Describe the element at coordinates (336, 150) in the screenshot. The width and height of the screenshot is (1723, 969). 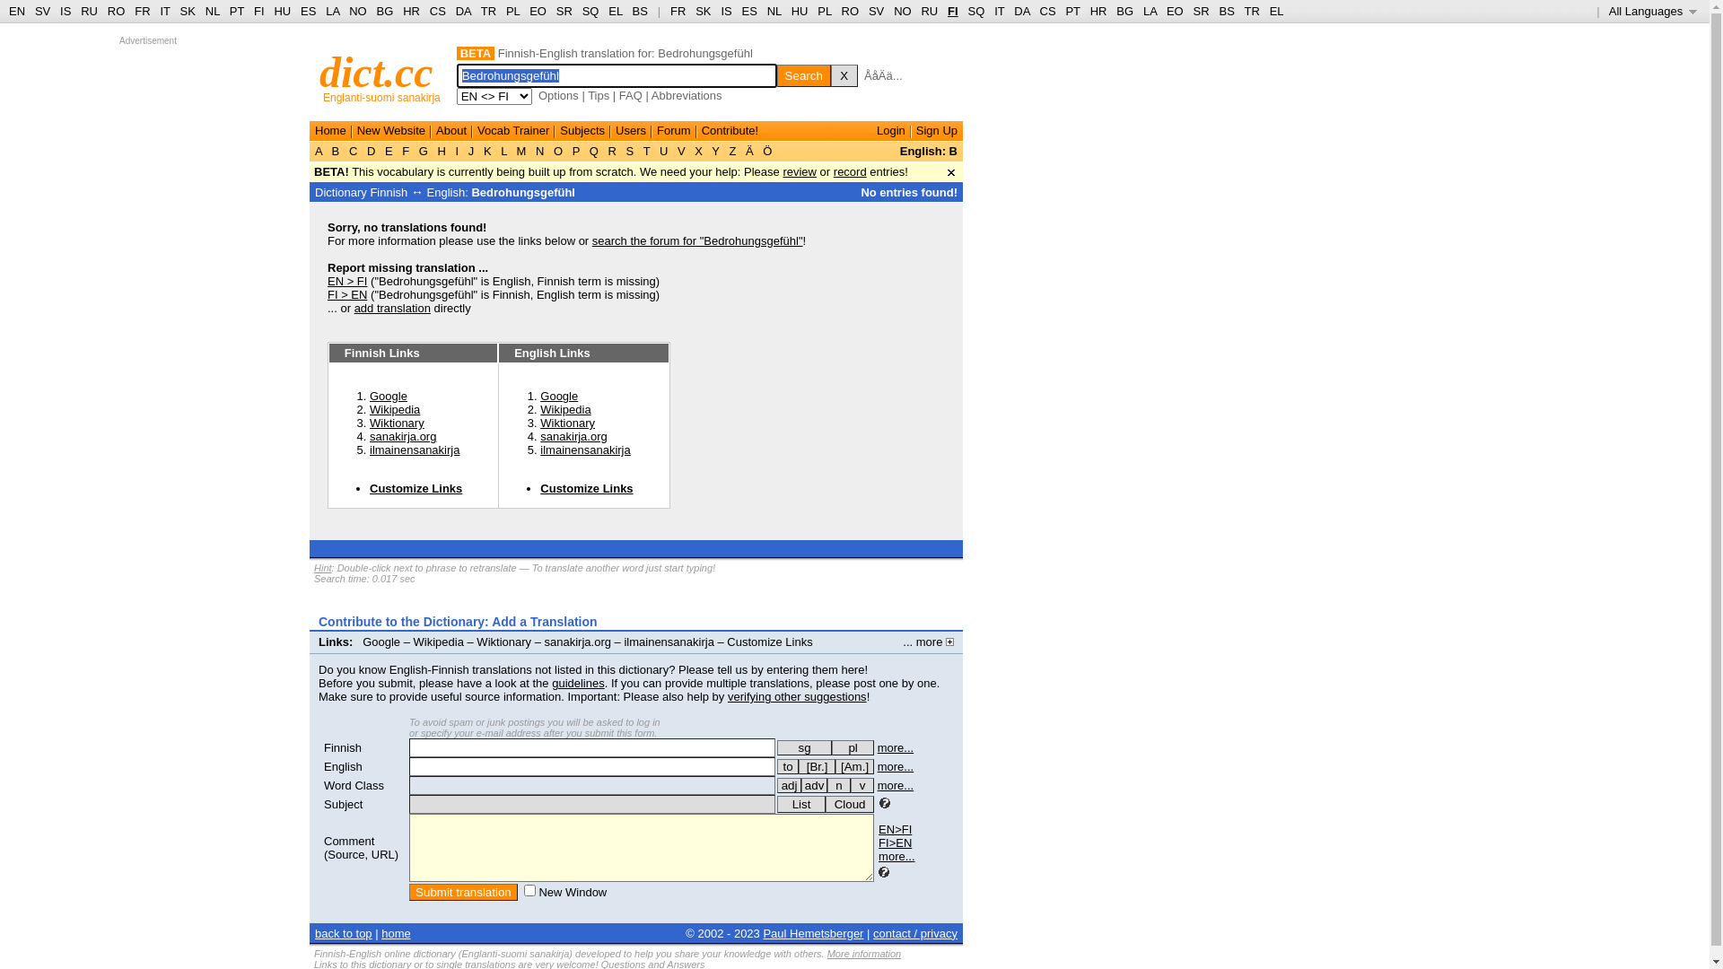
I see `'B'` at that location.